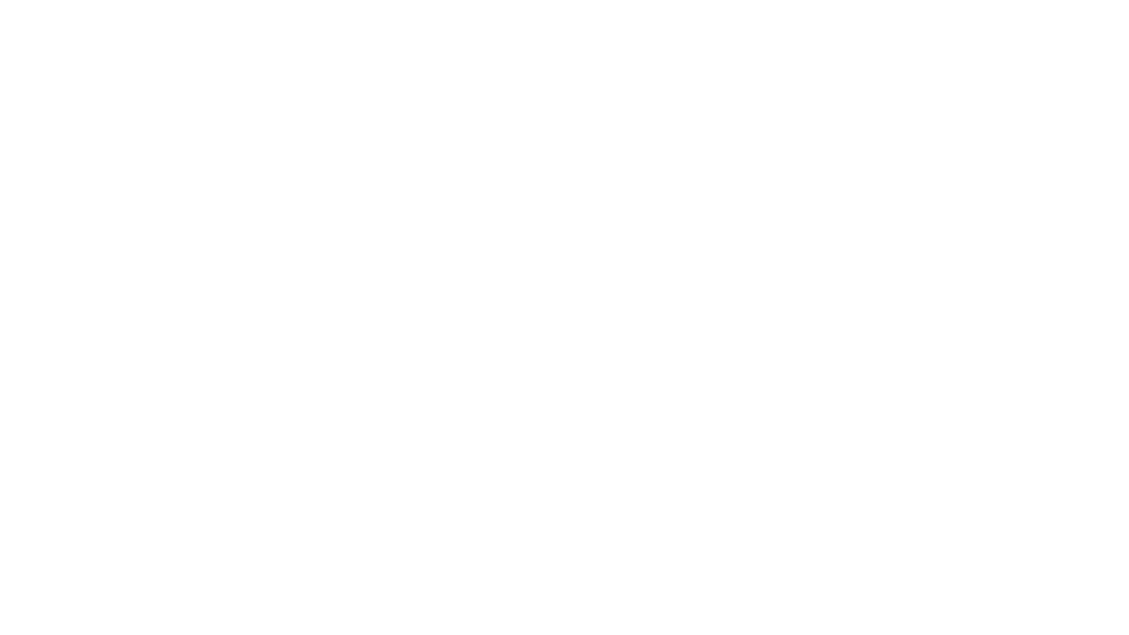 The height and width of the screenshot is (635, 1129). I want to click on RECHERCHE, so click(296, 90).